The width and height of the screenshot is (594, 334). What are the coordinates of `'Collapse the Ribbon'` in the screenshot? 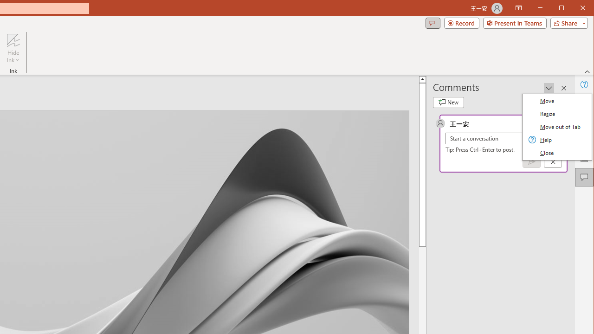 It's located at (587, 71).